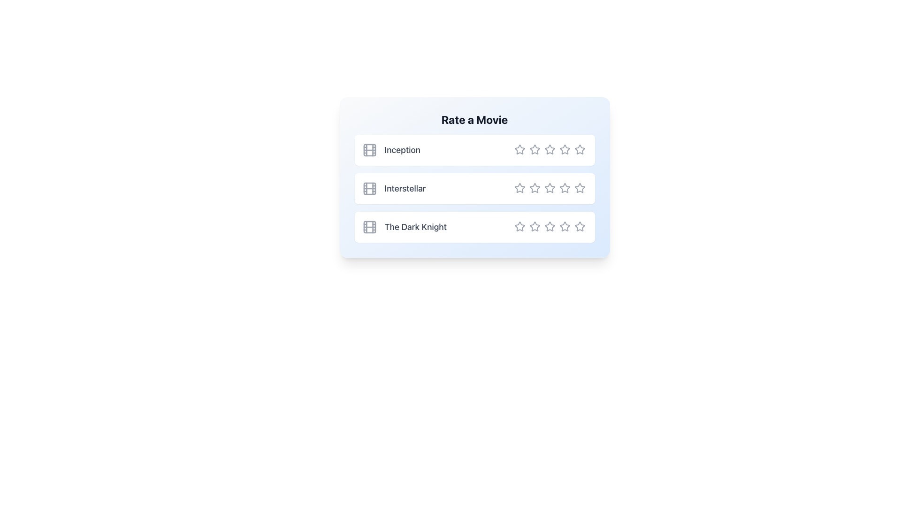 The width and height of the screenshot is (901, 507). I want to click on the film reel icon located to the immediate left of the text 'Inception' in the top row of the vertically stacked list, so click(369, 150).